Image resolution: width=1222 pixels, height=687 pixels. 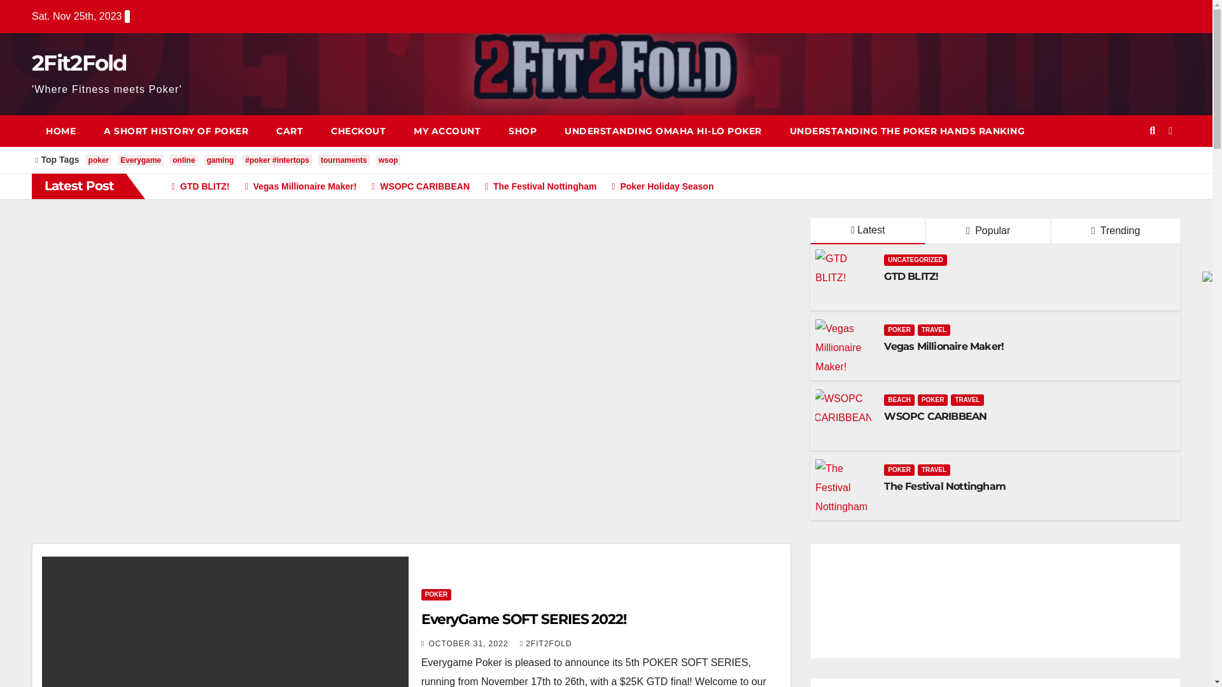 What do you see at coordinates (522, 130) in the screenshot?
I see `'SHOP'` at bounding box center [522, 130].